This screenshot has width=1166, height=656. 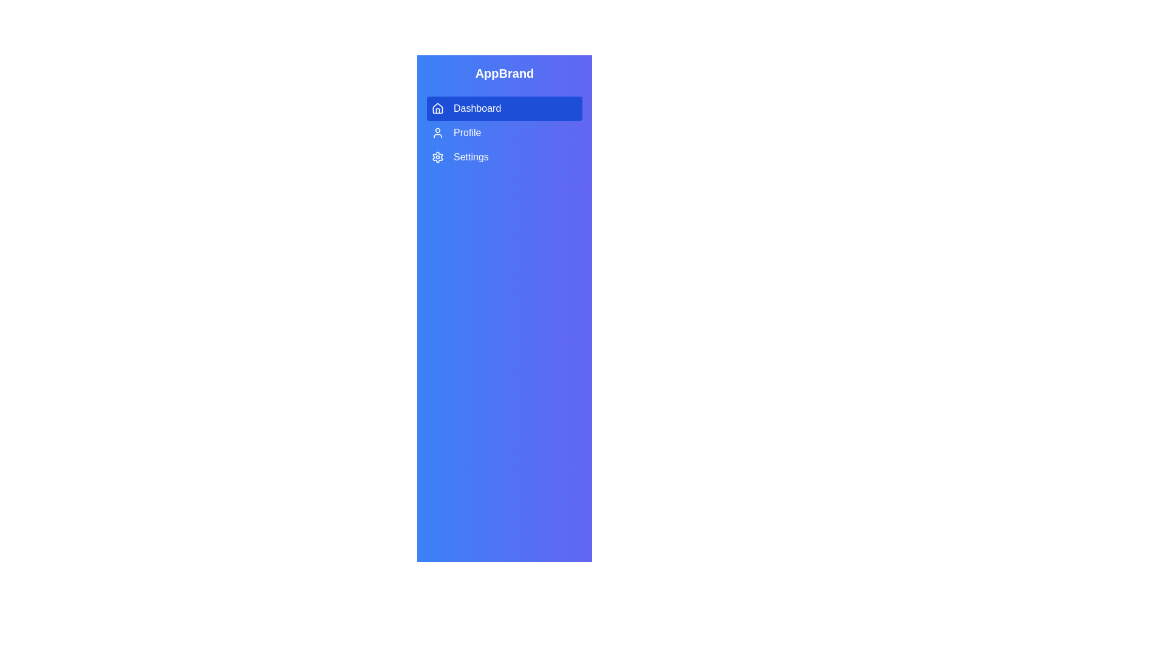 I want to click on the third navigation menu item in the left side panel, so click(x=504, y=156).